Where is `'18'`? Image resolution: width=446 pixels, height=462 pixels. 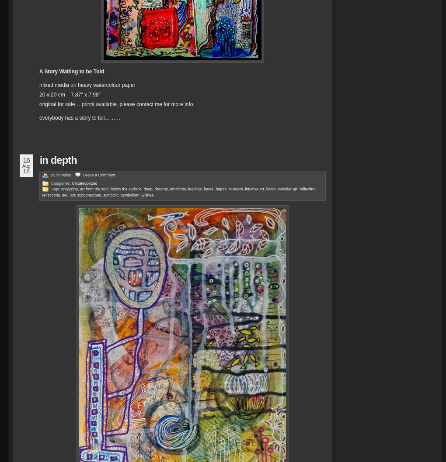
'18' is located at coordinates (26, 171).